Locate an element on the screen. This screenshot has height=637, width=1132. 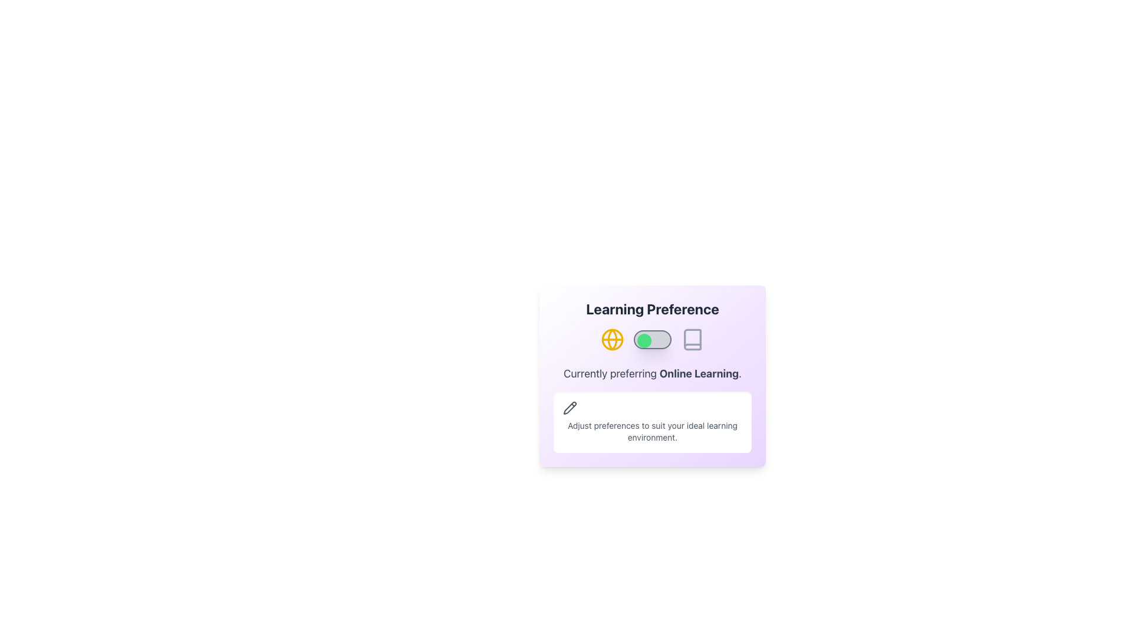
the pencil icon representing the editing tool for adjusting learning mode preferences is located at coordinates (569, 406).